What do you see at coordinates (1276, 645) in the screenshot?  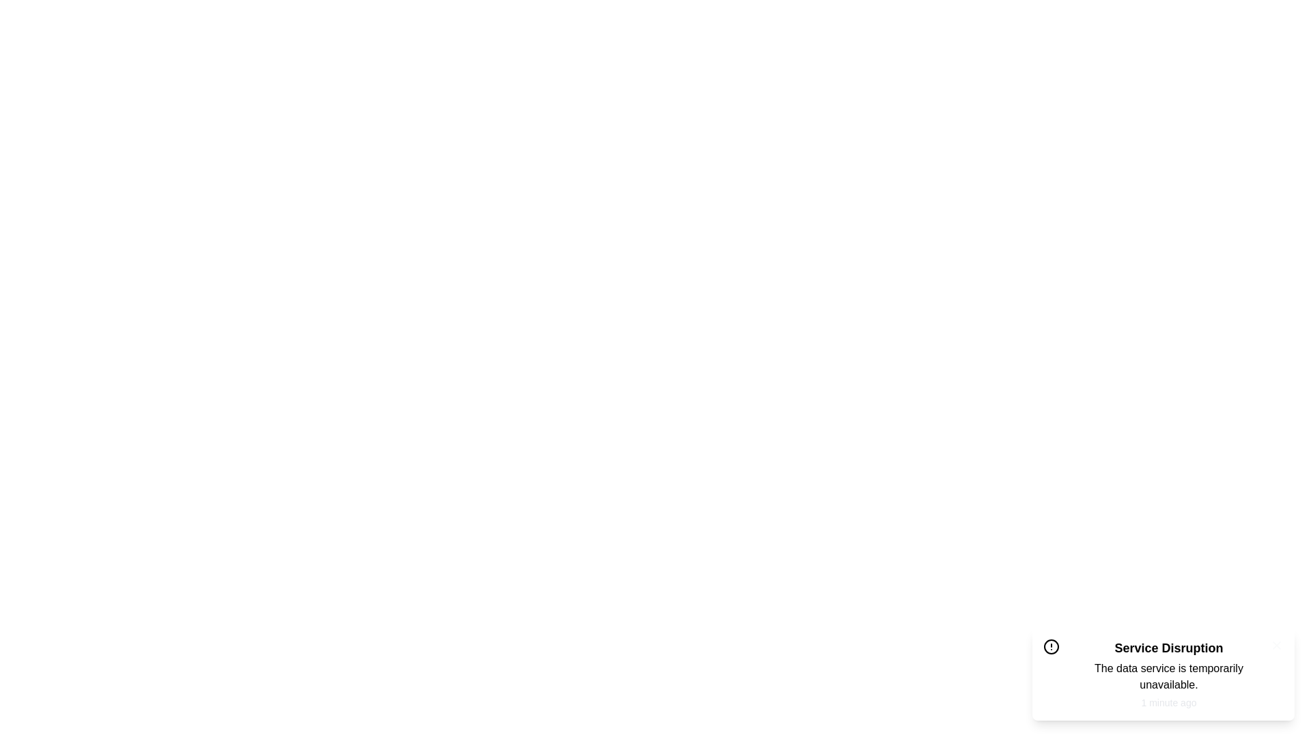 I see `the close button to dismiss the notification` at bounding box center [1276, 645].